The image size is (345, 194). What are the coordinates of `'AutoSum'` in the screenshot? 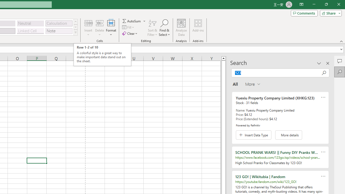 It's located at (134, 21).